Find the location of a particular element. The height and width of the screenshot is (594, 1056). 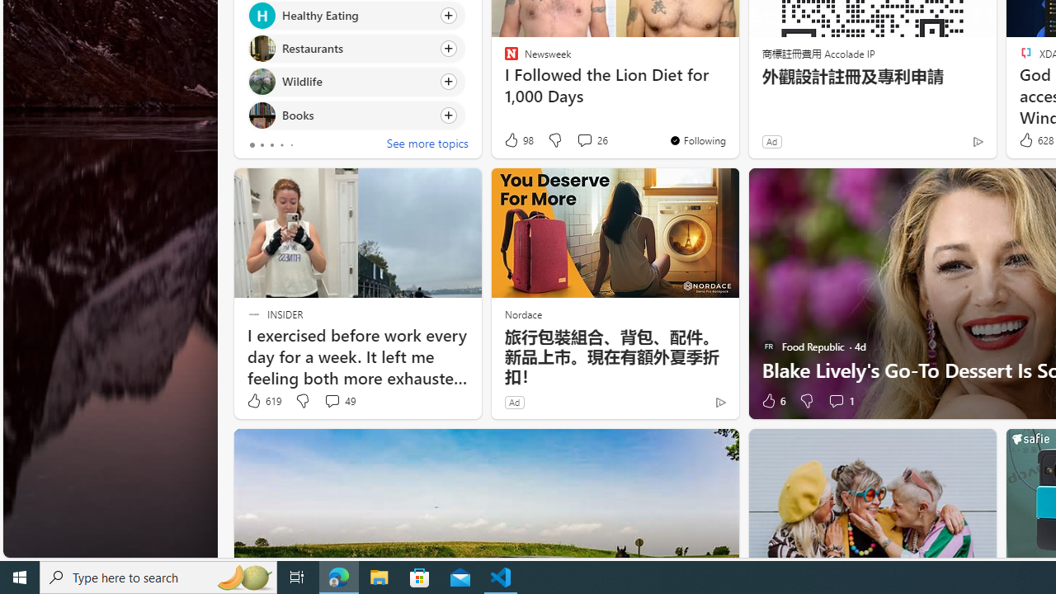

'Wildlife' is located at coordinates (261, 82).